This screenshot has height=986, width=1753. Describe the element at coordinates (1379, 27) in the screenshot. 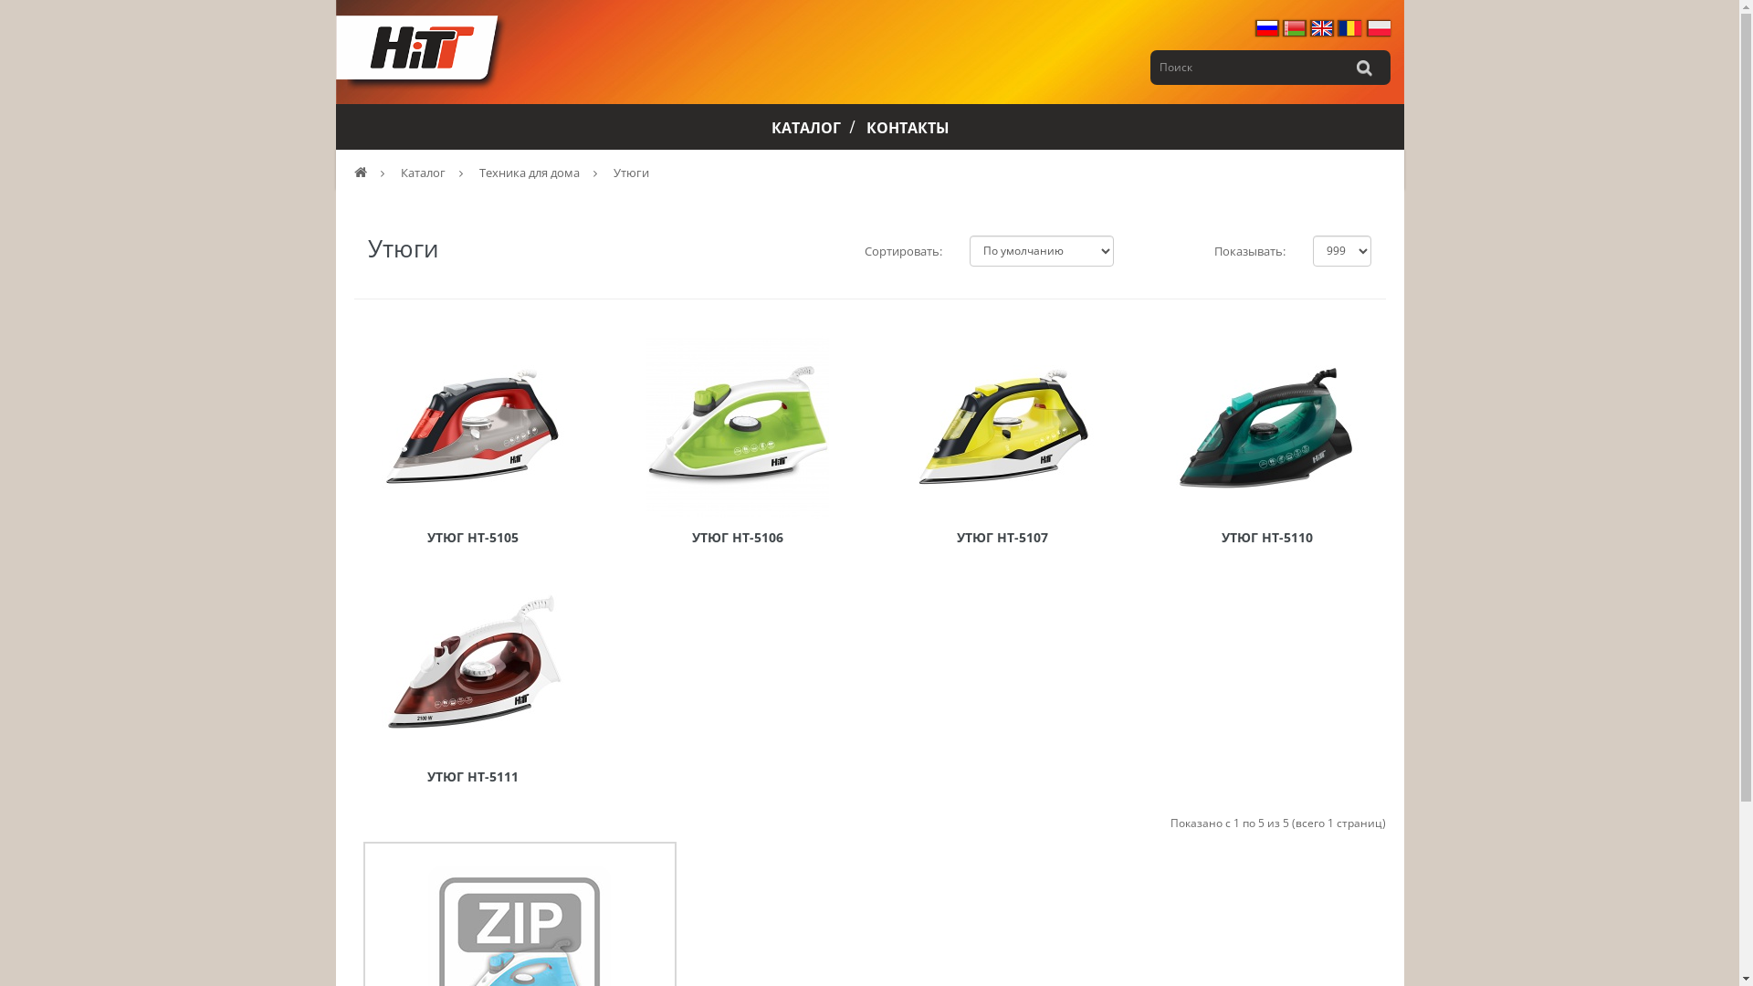

I see `'Polski'` at that location.